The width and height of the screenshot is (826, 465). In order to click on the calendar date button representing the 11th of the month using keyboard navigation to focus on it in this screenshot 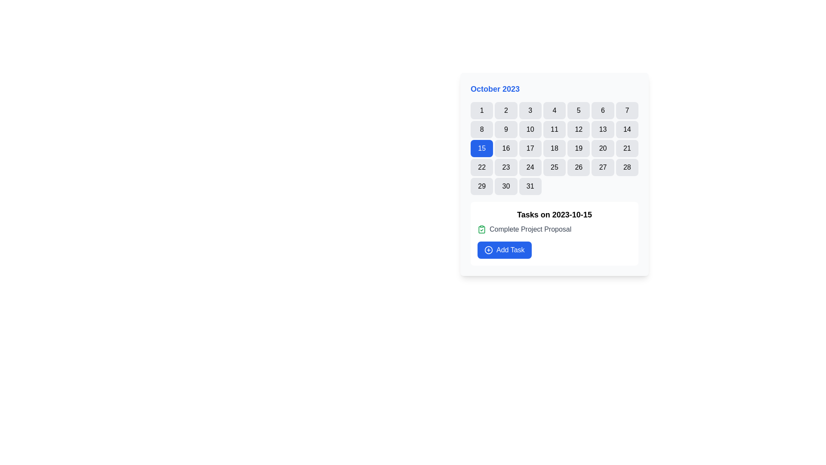, I will do `click(554, 129)`.